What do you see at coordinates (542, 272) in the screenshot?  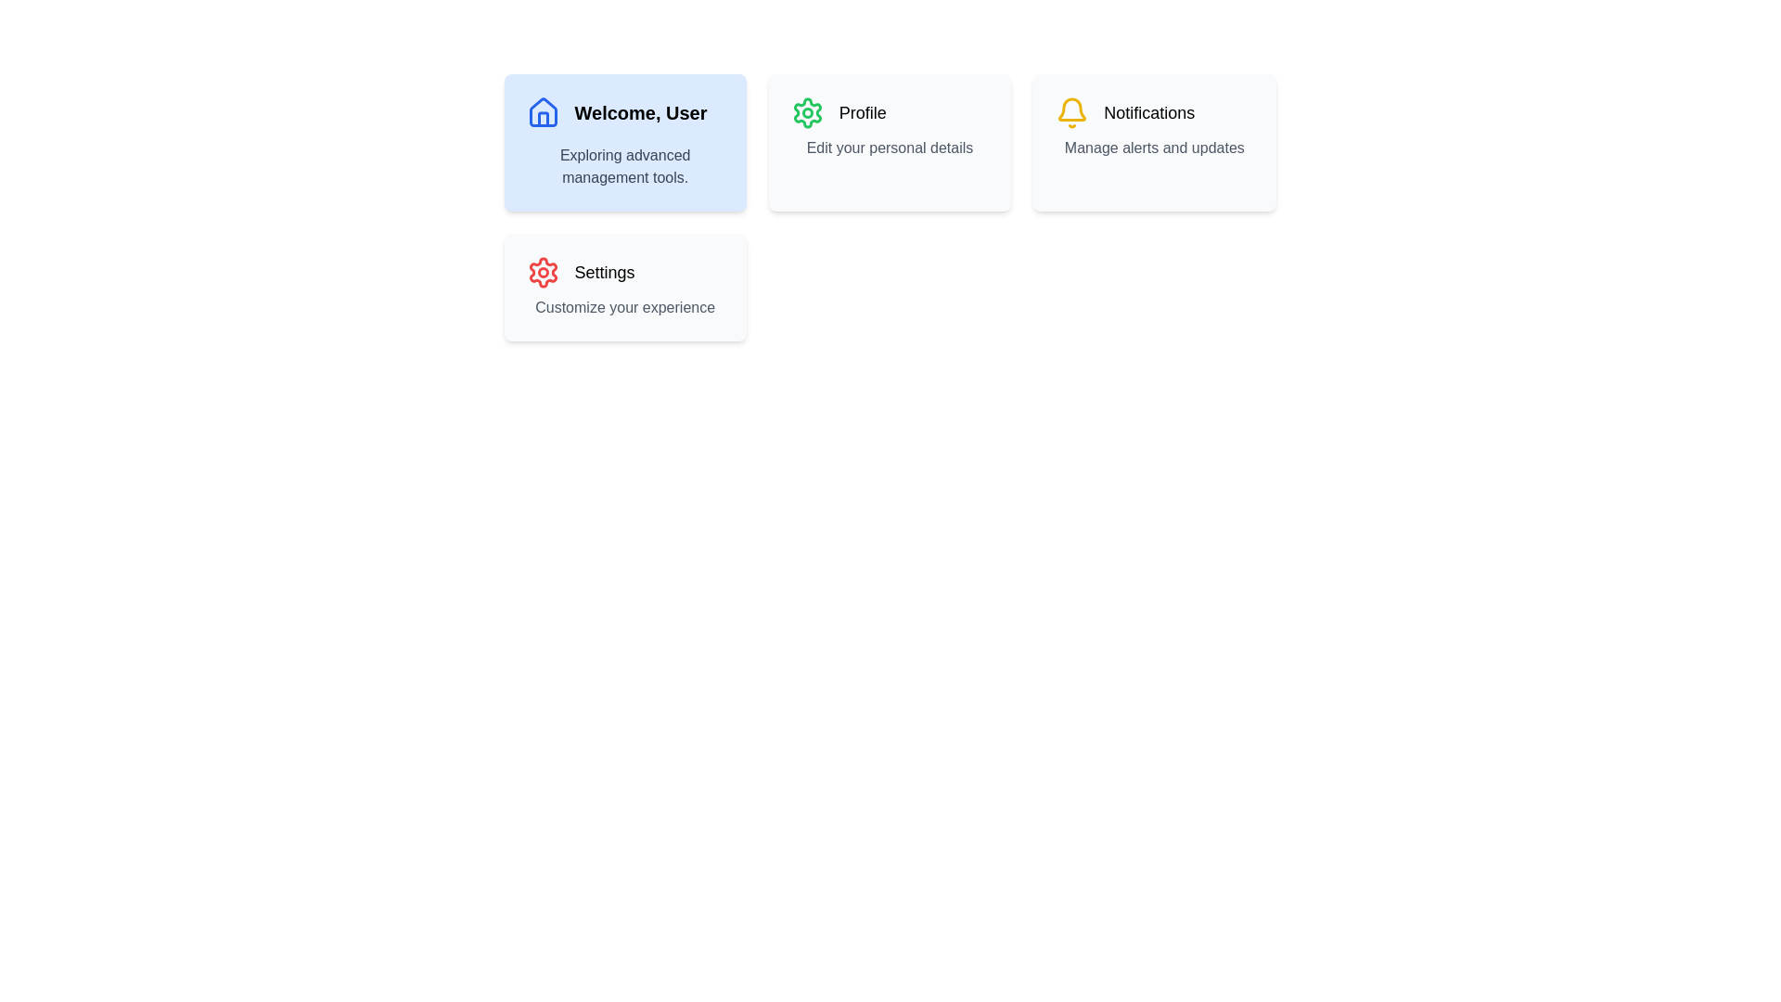 I see `the settings icon located within the 'Settings' card beneath the 'Welcome, User' section of the interface` at bounding box center [542, 272].